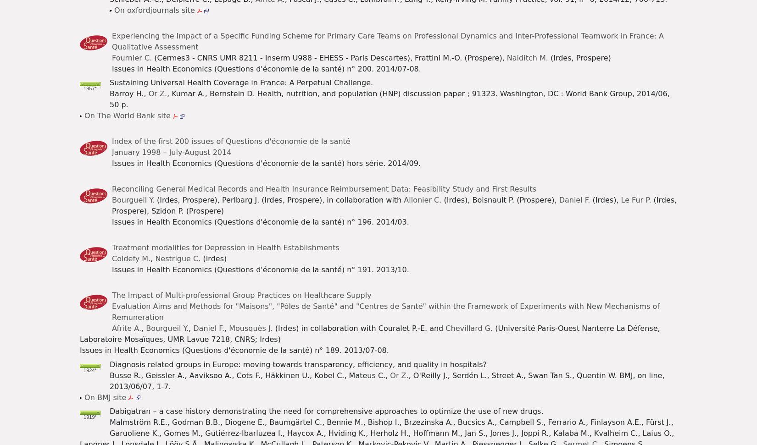  What do you see at coordinates (231, 33) in the screenshot?
I see `'Chart of the month'` at bounding box center [231, 33].